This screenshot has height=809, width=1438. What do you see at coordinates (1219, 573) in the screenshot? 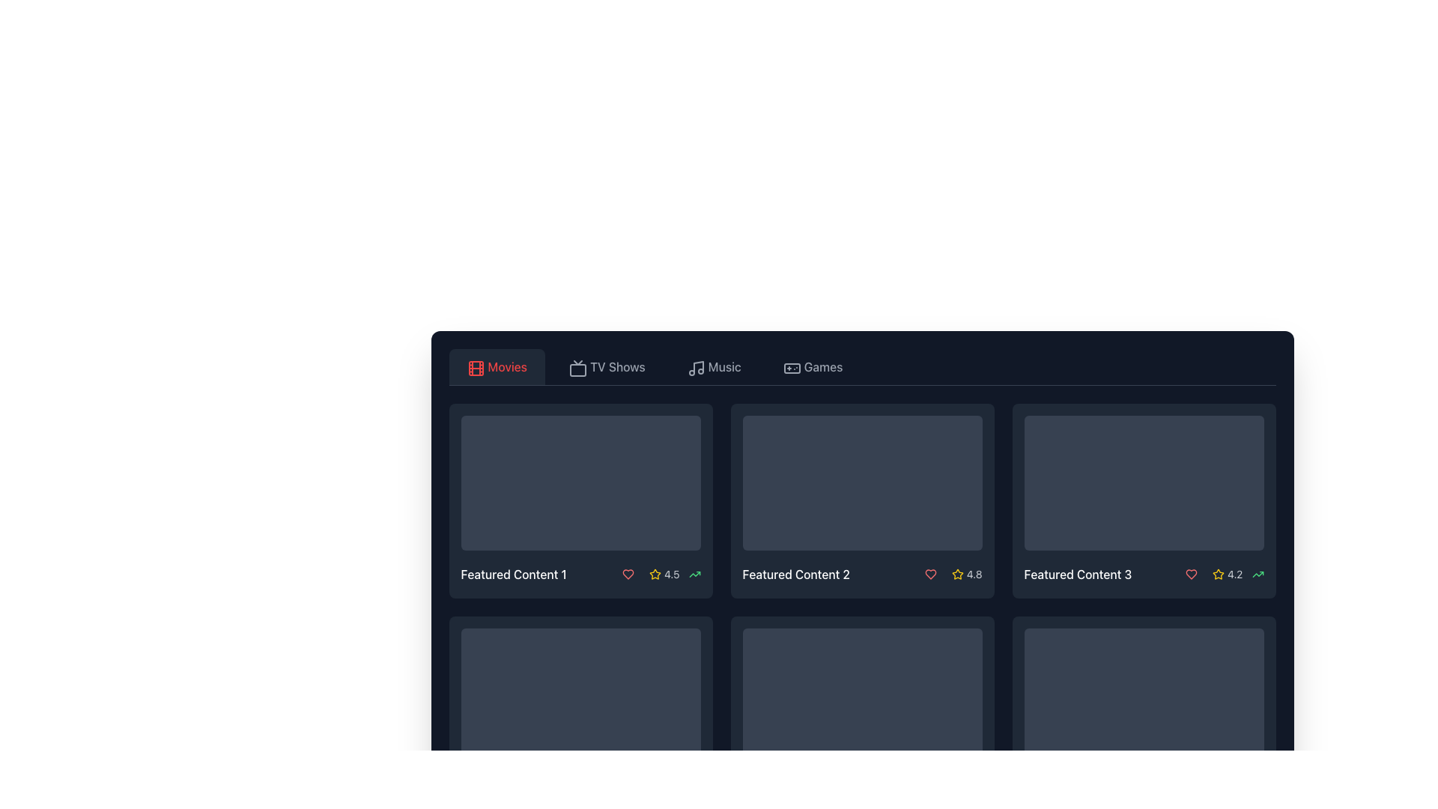
I see `the star-shaped icon used for rating, which indicates a score of 4.2 in the 'Featured Content 3' section` at bounding box center [1219, 573].